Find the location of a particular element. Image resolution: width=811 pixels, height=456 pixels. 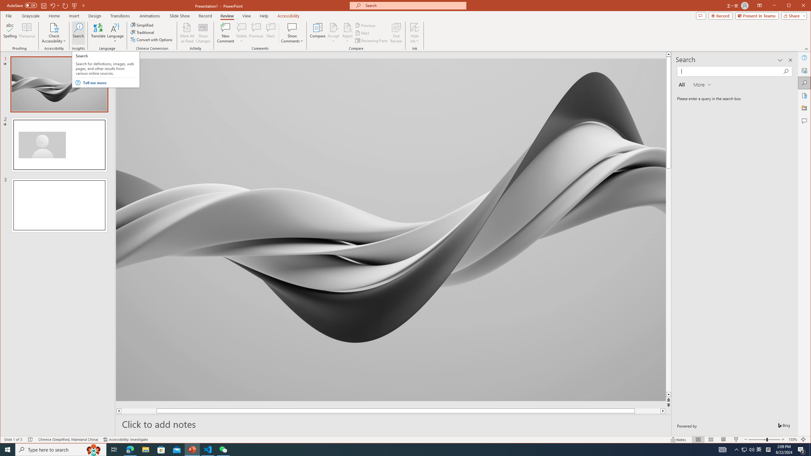

'Reviewing Pane' is located at coordinates (372, 40).